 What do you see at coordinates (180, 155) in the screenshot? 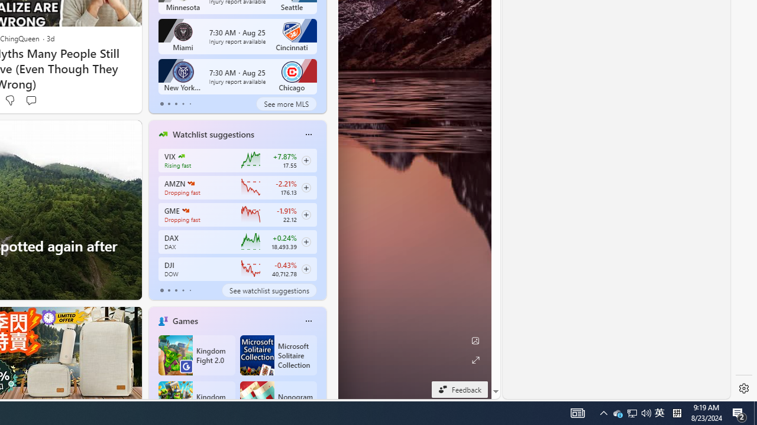
I see `'CBOE Market Volatility Index'` at bounding box center [180, 155].